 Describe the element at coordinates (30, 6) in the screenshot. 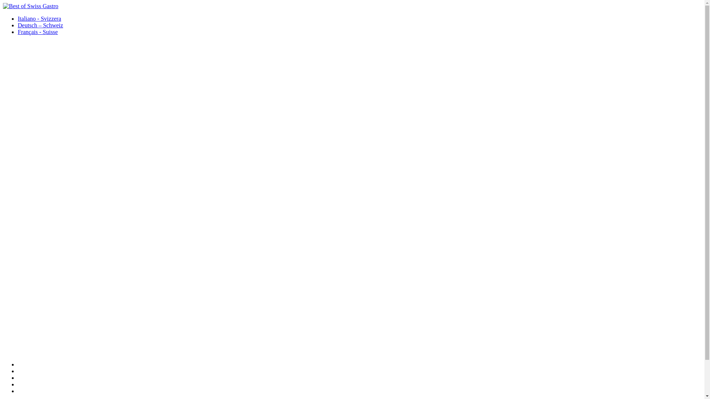

I see `'Best of Swiss Gastro'` at that location.